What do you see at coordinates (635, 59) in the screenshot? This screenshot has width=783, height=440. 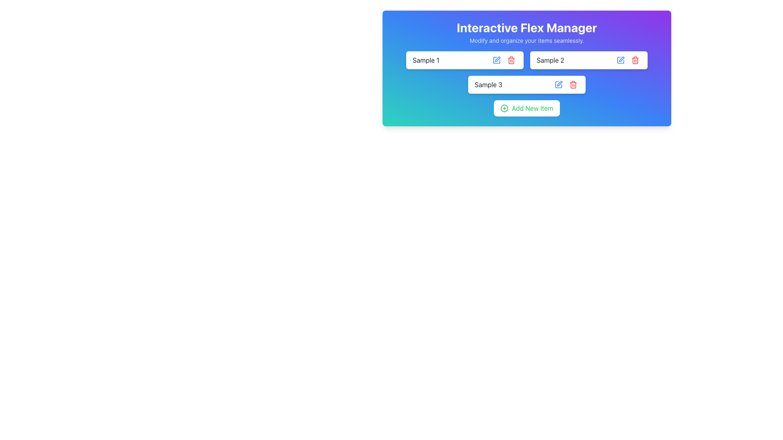 I see `the delete button located to the right of the blue edit button in the second row of entries in the 'Interactive Flex Manager'` at bounding box center [635, 59].